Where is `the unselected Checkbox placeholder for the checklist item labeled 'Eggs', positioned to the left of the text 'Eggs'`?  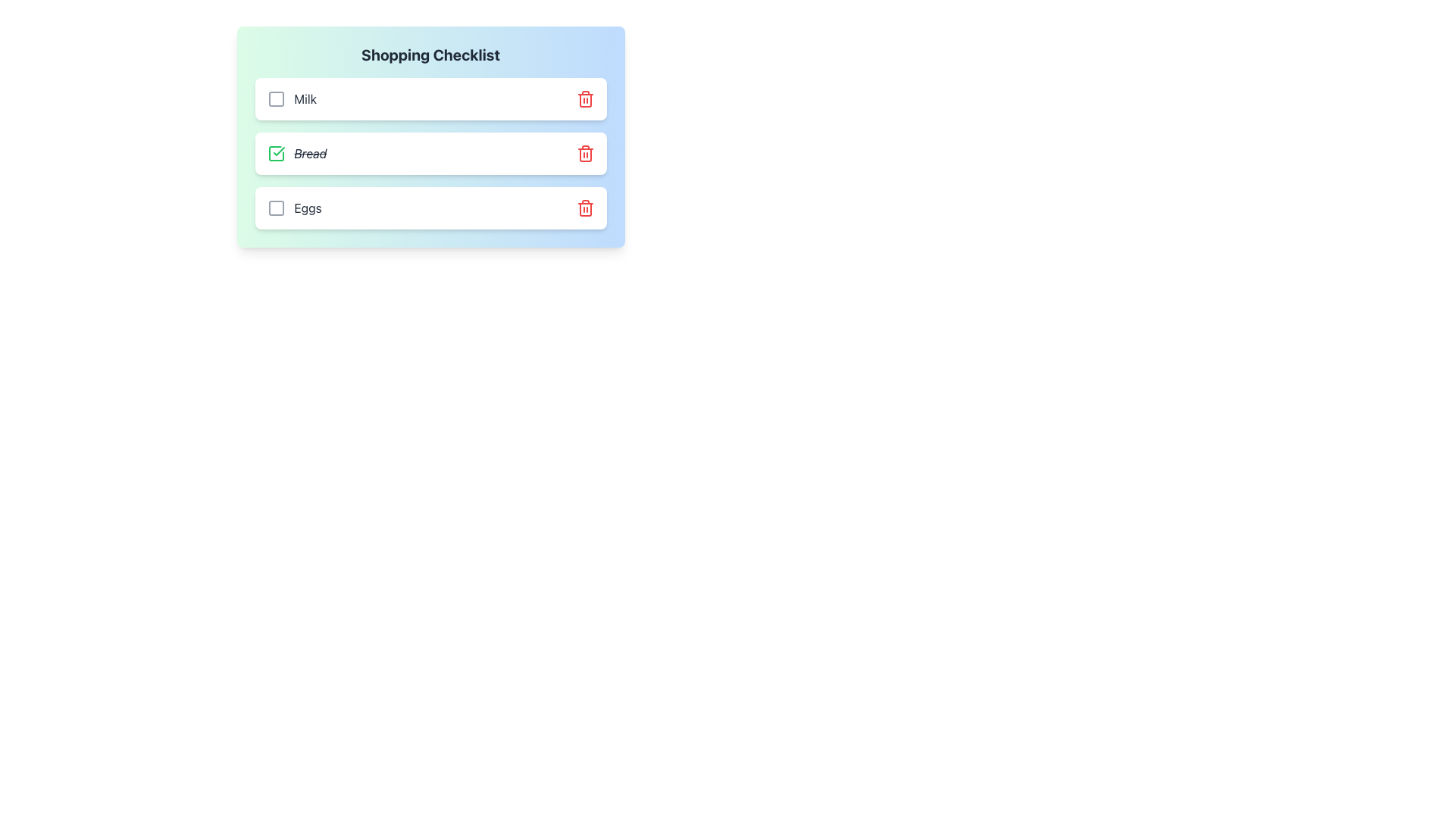 the unselected Checkbox placeholder for the checklist item labeled 'Eggs', positioned to the left of the text 'Eggs' is located at coordinates (276, 208).